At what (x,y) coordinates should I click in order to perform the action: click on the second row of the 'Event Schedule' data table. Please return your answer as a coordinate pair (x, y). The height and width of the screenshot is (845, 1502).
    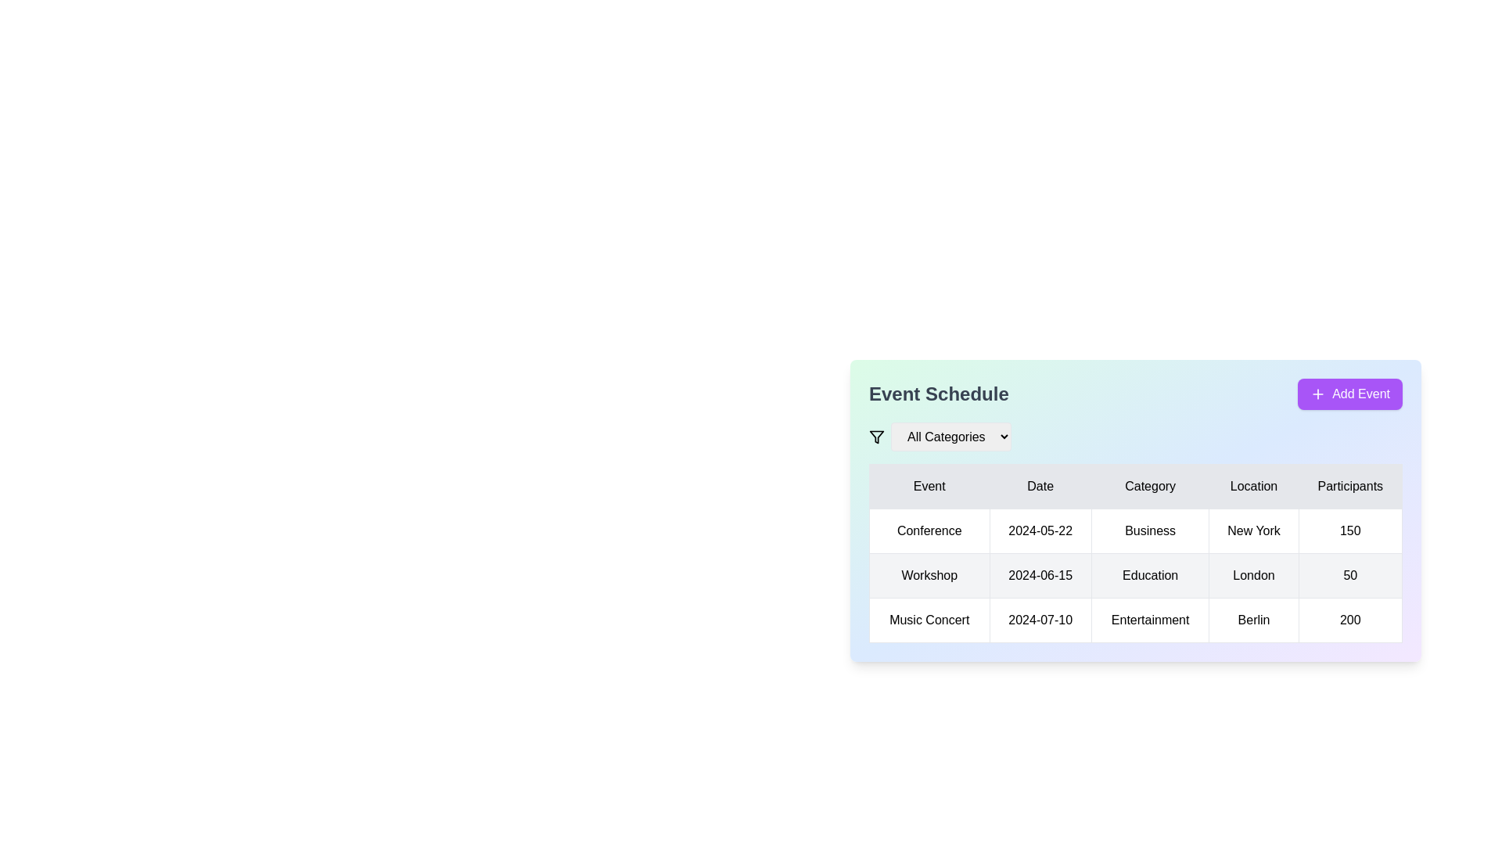
    Looking at the image, I should click on (1135, 576).